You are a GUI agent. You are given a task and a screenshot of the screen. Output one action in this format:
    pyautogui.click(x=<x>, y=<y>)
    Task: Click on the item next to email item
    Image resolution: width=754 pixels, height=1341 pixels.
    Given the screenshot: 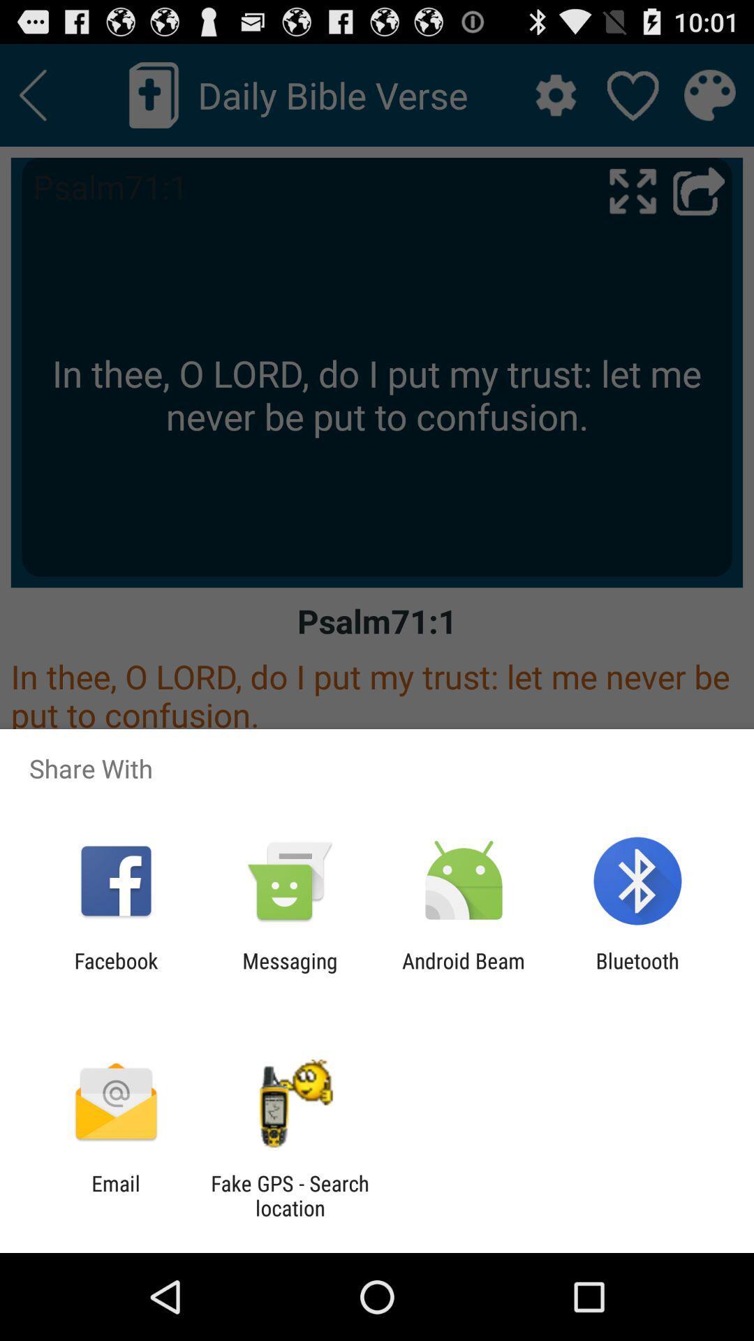 What is the action you would take?
    pyautogui.click(x=289, y=1195)
    